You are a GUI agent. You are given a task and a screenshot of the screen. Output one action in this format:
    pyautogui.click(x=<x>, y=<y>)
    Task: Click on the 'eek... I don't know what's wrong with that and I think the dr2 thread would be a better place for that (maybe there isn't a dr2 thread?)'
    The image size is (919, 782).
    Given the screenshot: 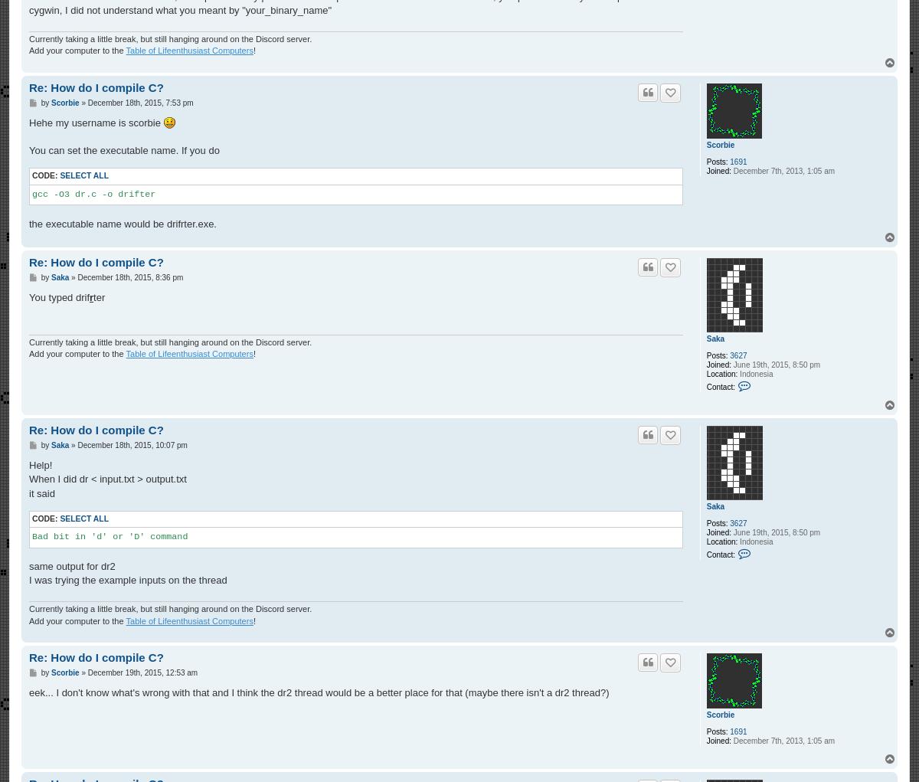 What is the action you would take?
    pyautogui.click(x=319, y=692)
    